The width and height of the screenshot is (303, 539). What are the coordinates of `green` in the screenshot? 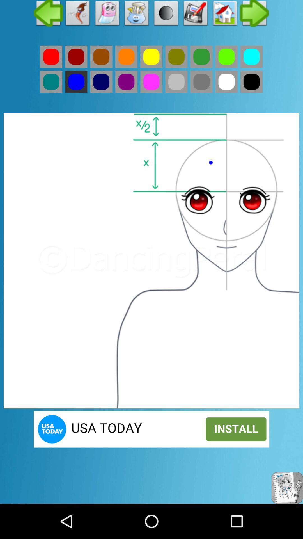 It's located at (201, 81).